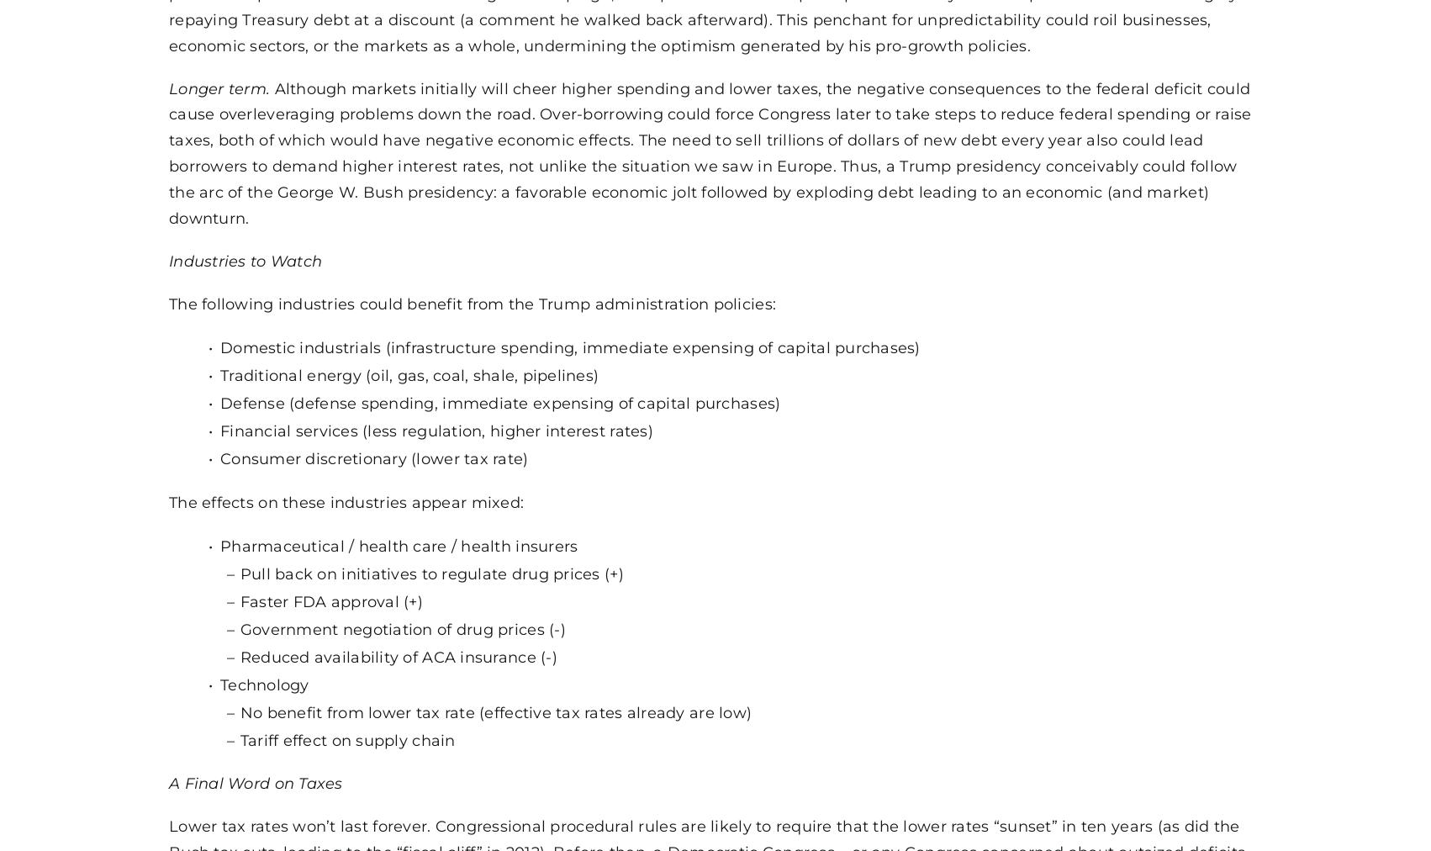  Describe the element at coordinates (240, 738) in the screenshot. I see `'Tariff effect on supply chain'` at that location.